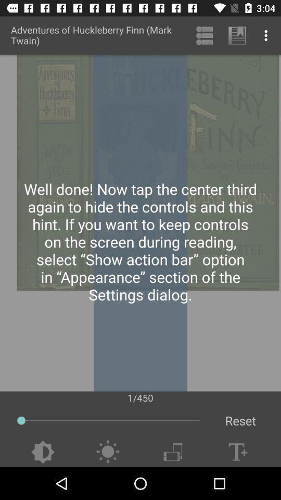 This screenshot has width=281, height=500. I want to click on brightness controller, so click(107, 452).